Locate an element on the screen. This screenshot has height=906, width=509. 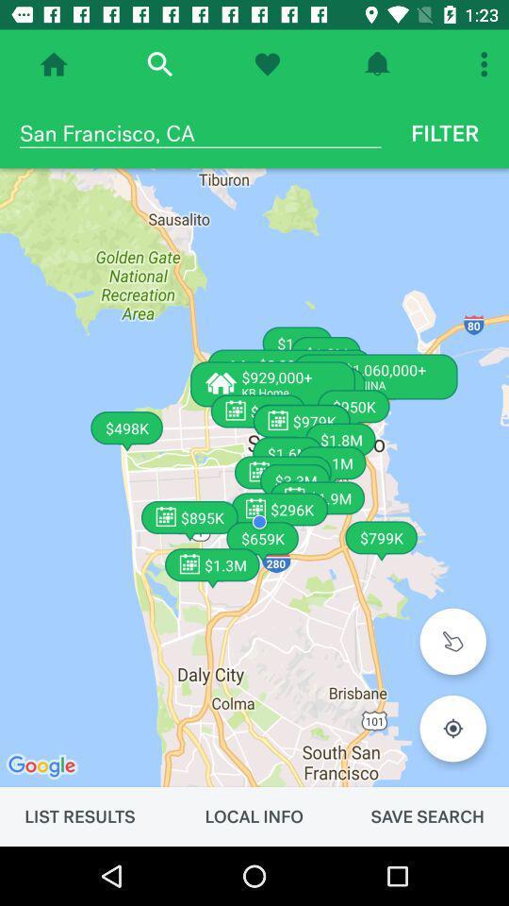
icon above the save search item is located at coordinates (452, 728).